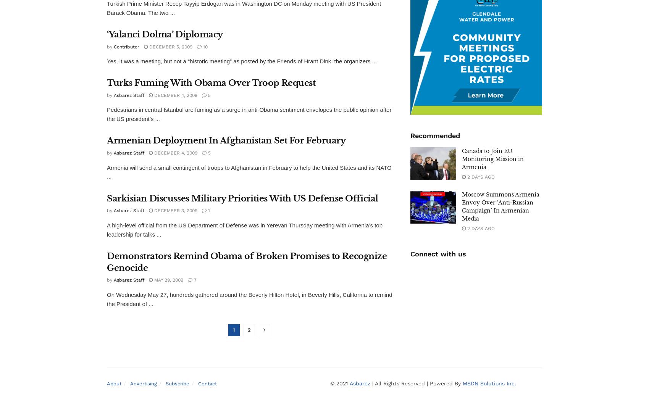 This screenshot has height=393, width=649. What do you see at coordinates (500, 206) in the screenshot?
I see `'Moscow Summons Armenia Envoy Over ‘Anti-Russian Campaign’ In Armenian Media'` at bounding box center [500, 206].